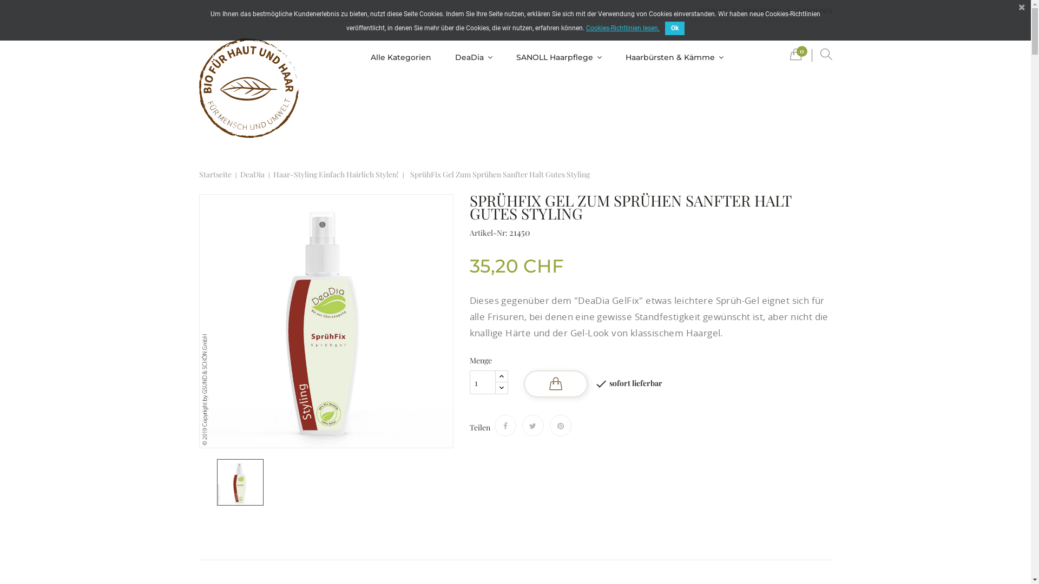  What do you see at coordinates (335, 174) in the screenshot?
I see `'Haar-Styling Einfach Hairlich Stylen!'` at bounding box center [335, 174].